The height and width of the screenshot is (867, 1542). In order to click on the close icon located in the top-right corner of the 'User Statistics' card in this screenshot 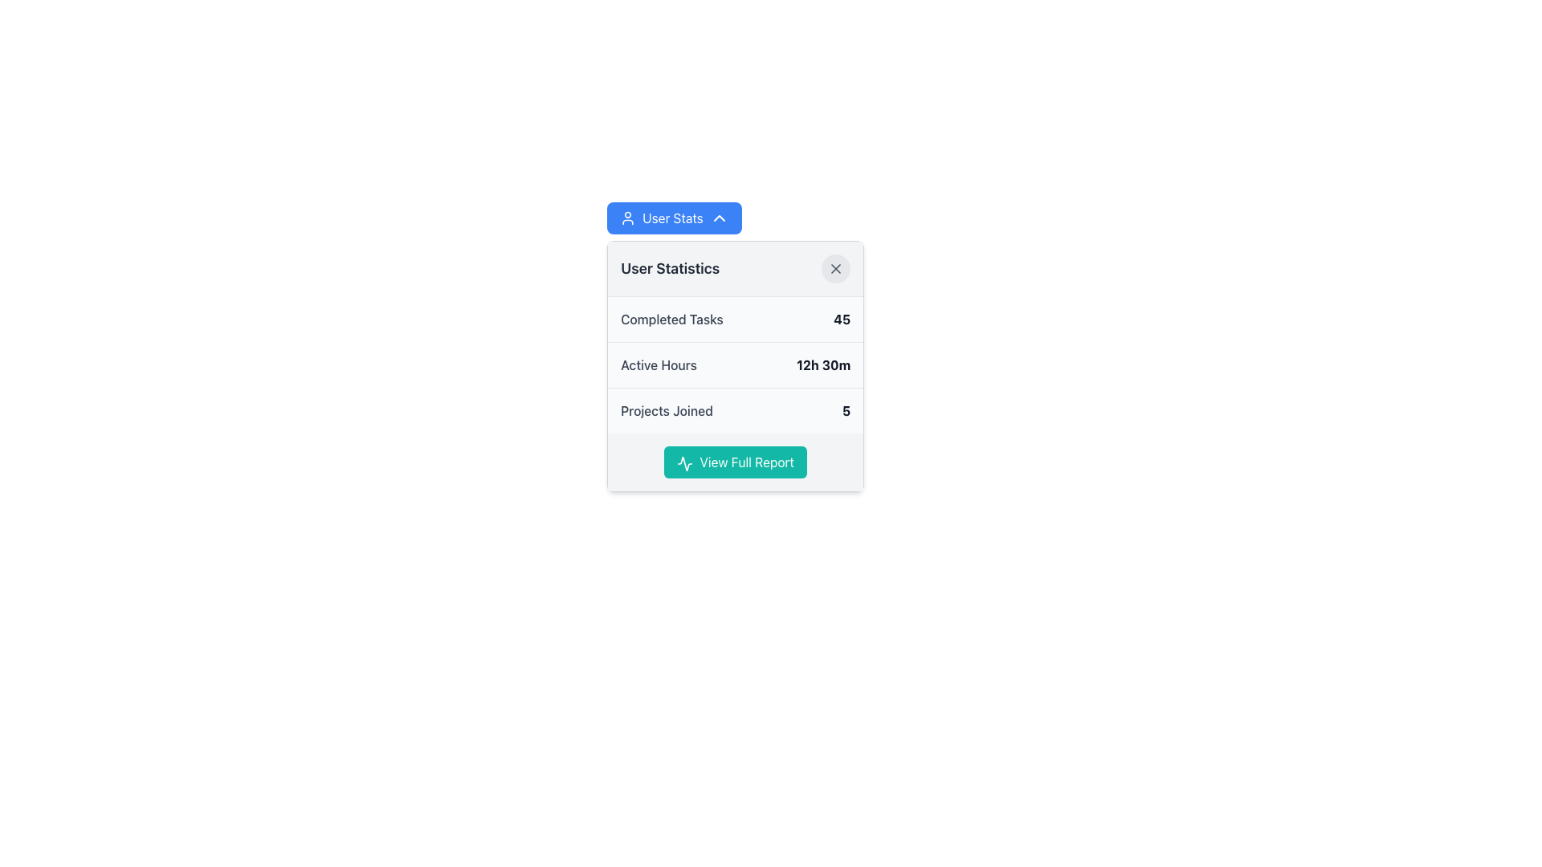, I will do `click(835, 268)`.